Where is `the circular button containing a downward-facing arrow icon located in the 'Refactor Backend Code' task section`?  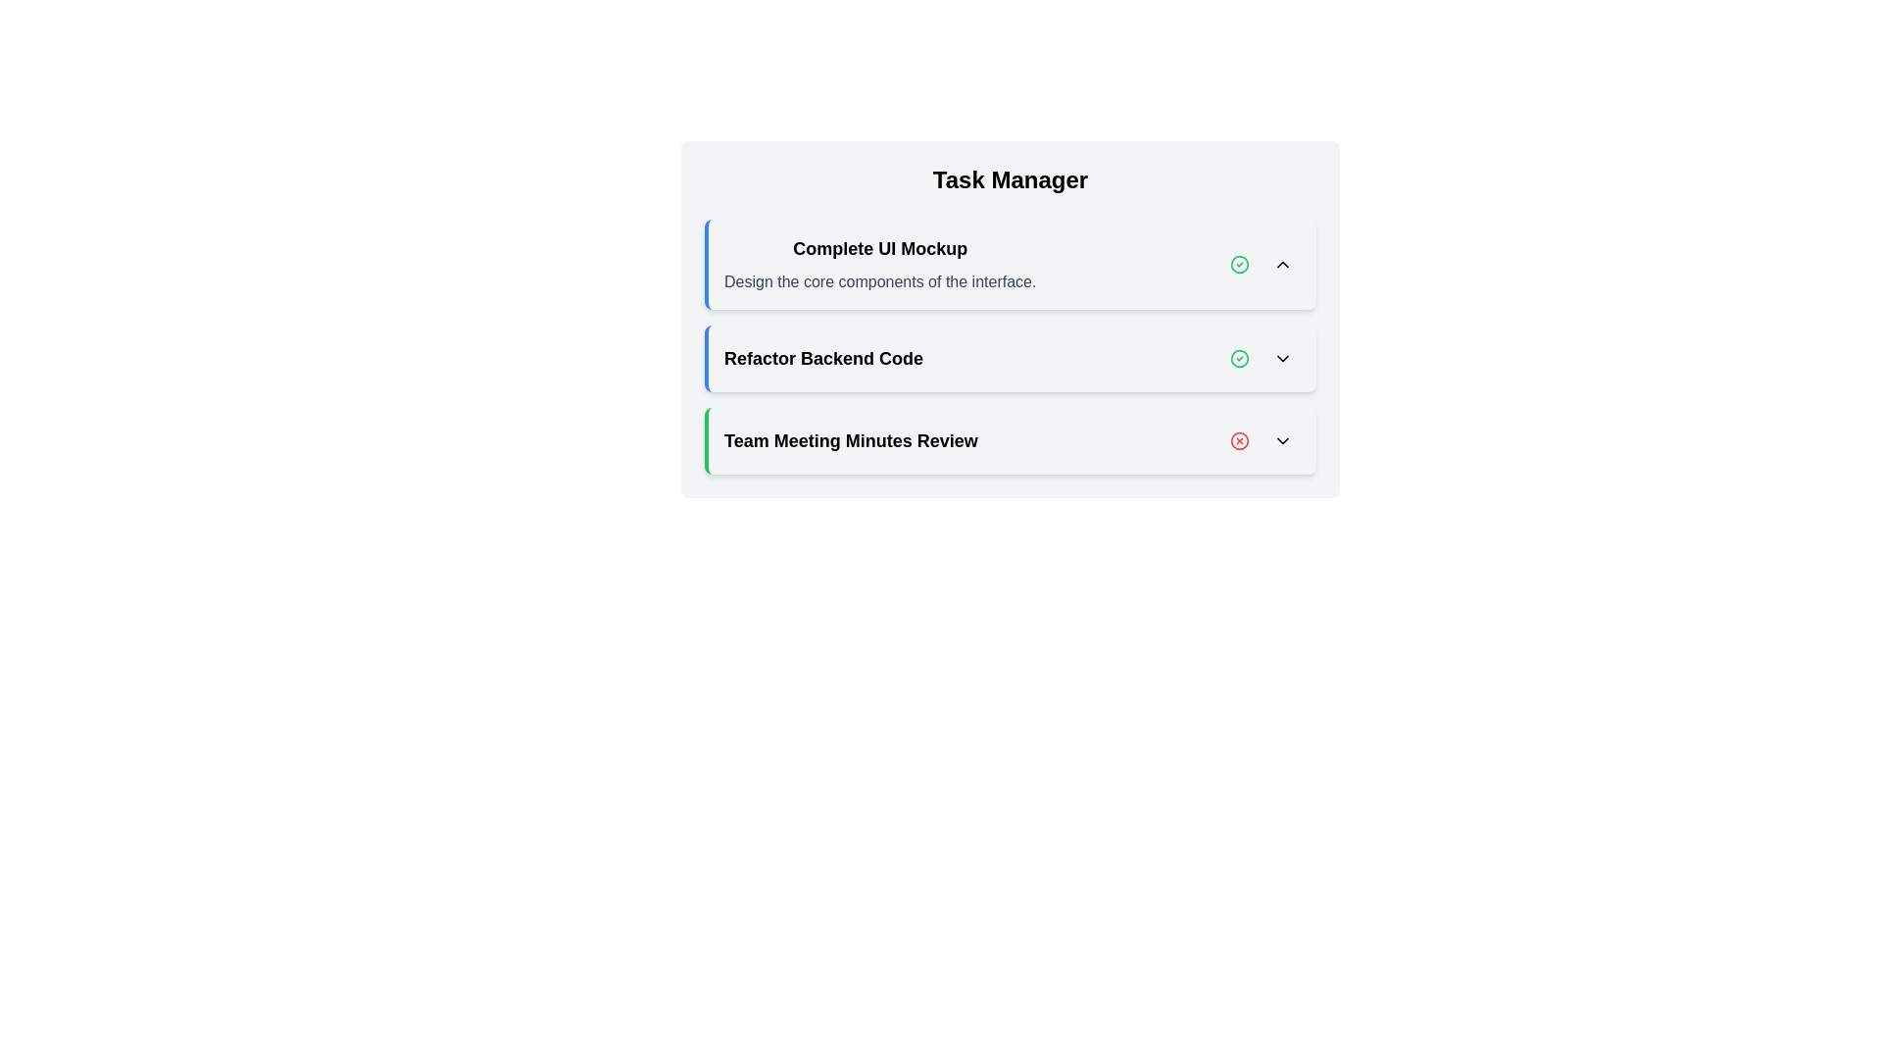
the circular button containing a downward-facing arrow icon located in the 'Refactor Backend Code' task section is located at coordinates (1283, 359).